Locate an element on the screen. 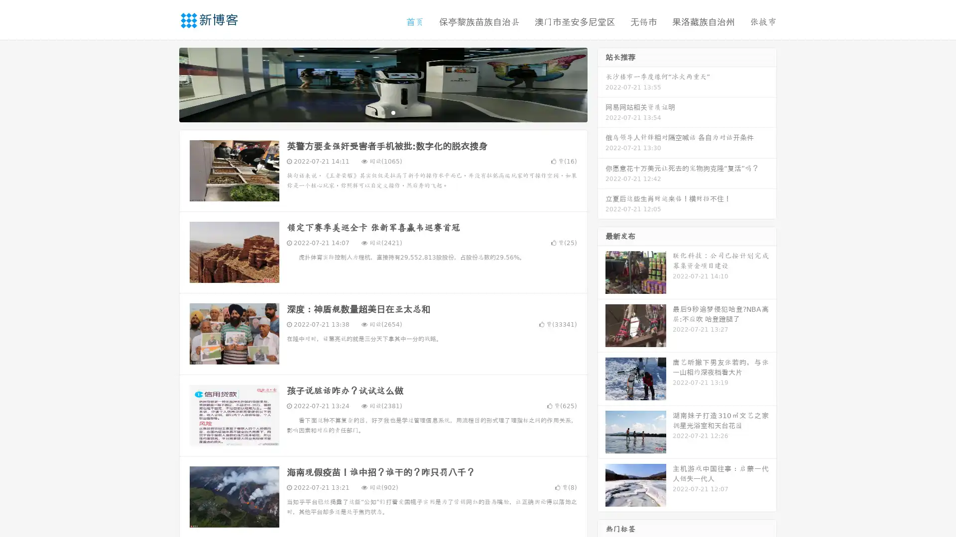 The width and height of the screenshot is (956, 537). Previous slide is located at coordinates (164, 84).